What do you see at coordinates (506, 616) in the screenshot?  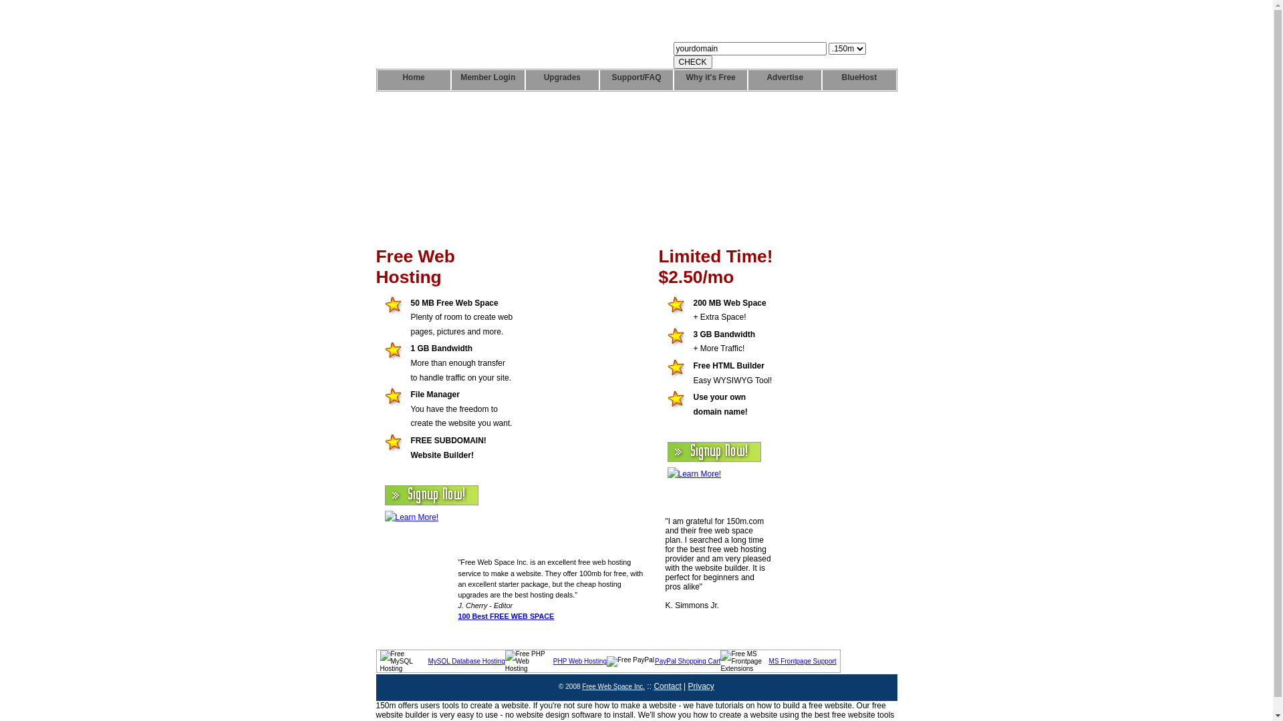 I see `'100 Best FREE WEB SPACE'` at bounding box center [506, 616].